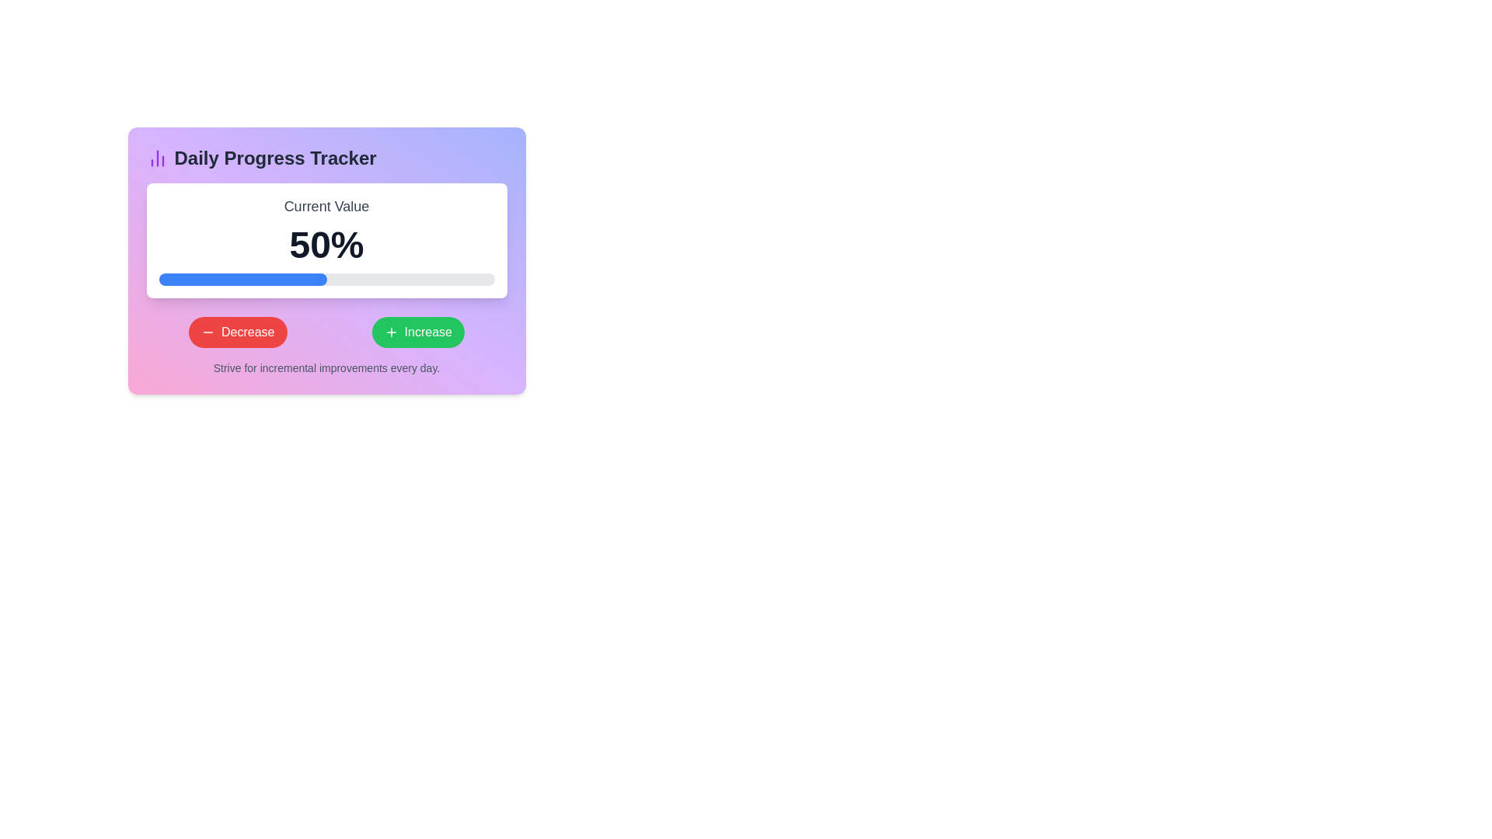 The width and height of the screenshot is (1492, 839). I want to click on text labeled 'Decrease' which is located to the right of a minus sign icon on the button that decreases a value, so click(247, 332).